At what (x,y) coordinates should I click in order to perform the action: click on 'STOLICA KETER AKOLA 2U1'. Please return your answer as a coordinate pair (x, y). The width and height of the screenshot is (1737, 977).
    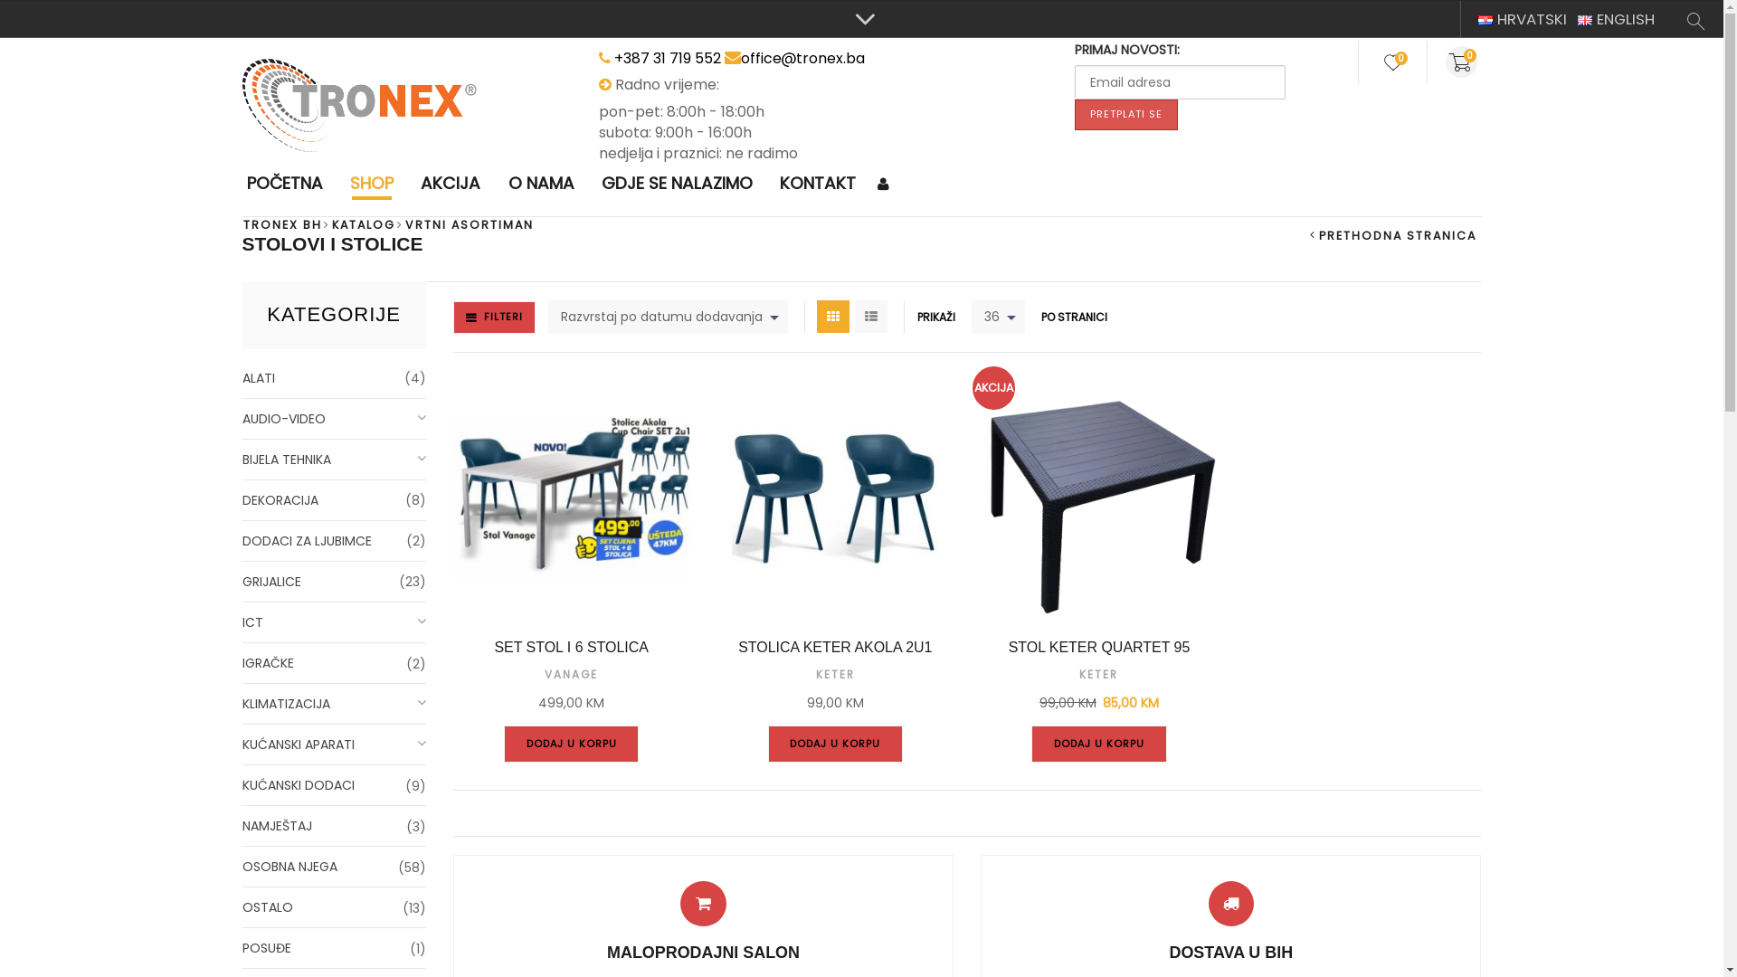
    Looking at the image, I should click on (833, 647).